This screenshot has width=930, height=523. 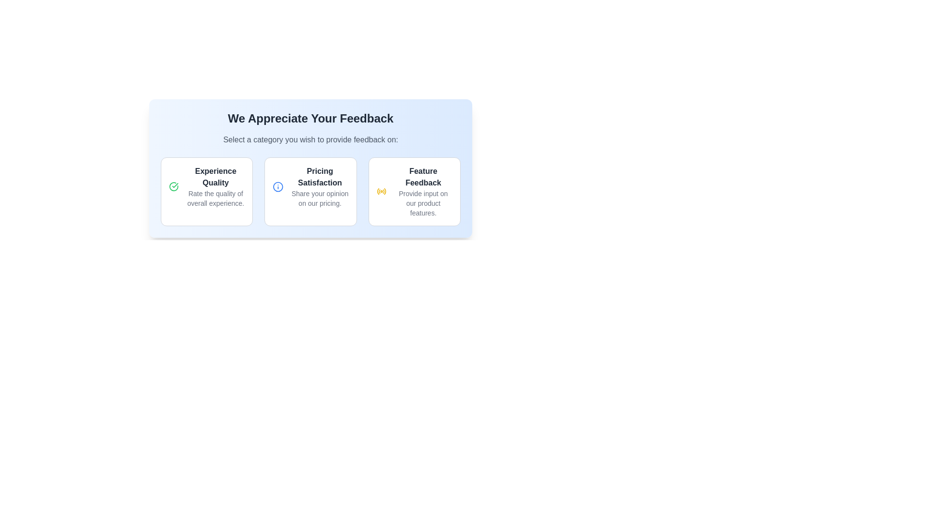 I want to click on text label indicating pricing satisfaction, which is located in the middle column above a smaller description text within a light blue background box, so click(x=320, y=177).